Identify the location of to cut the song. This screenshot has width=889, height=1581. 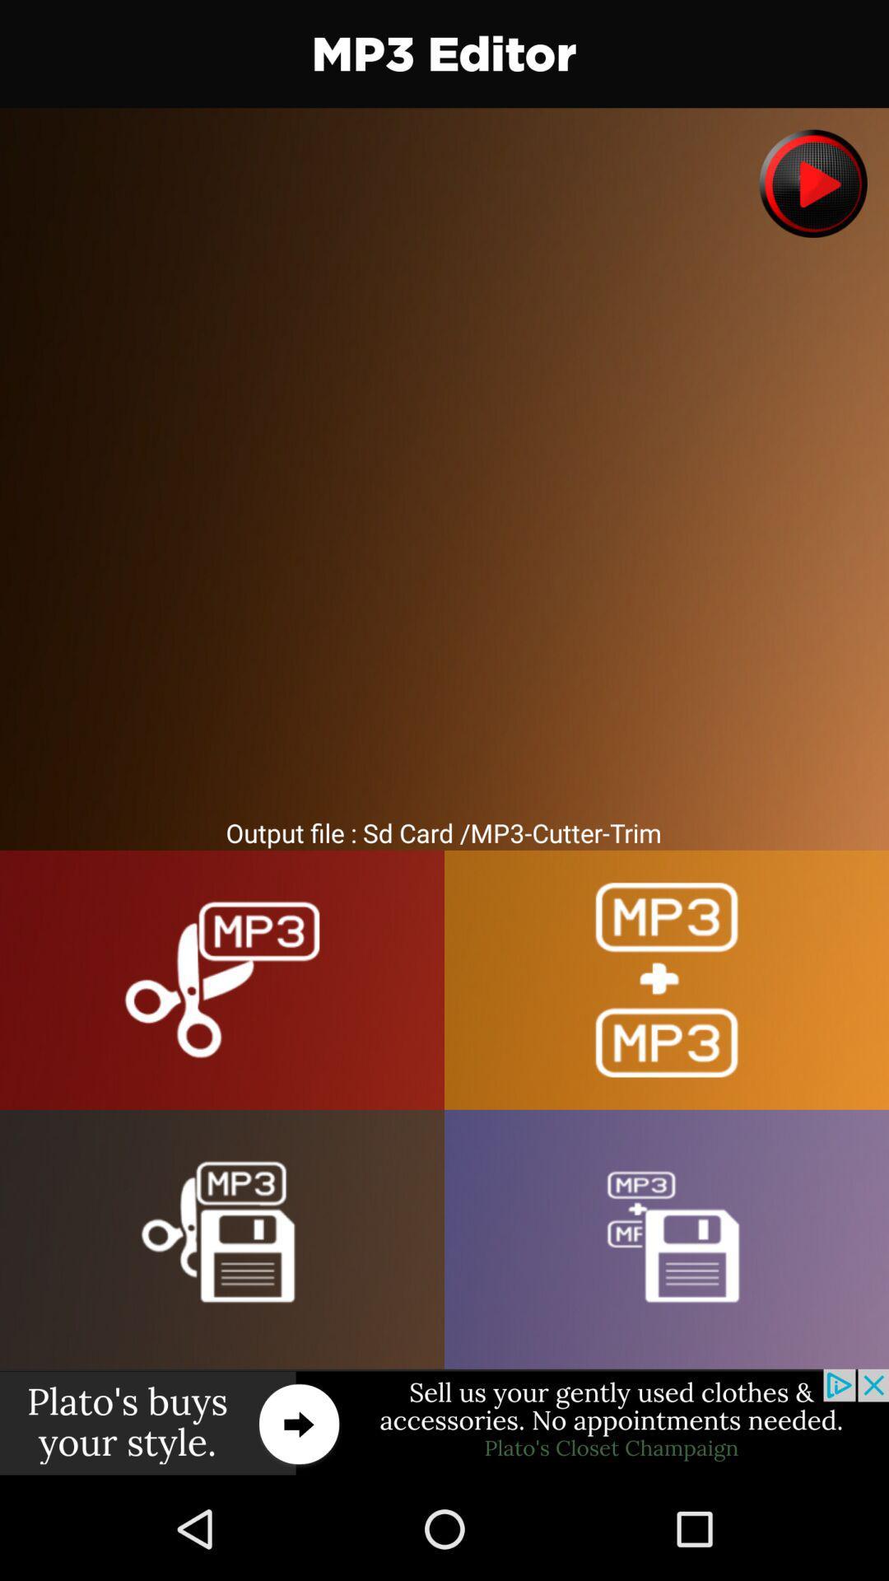
(222, 980).